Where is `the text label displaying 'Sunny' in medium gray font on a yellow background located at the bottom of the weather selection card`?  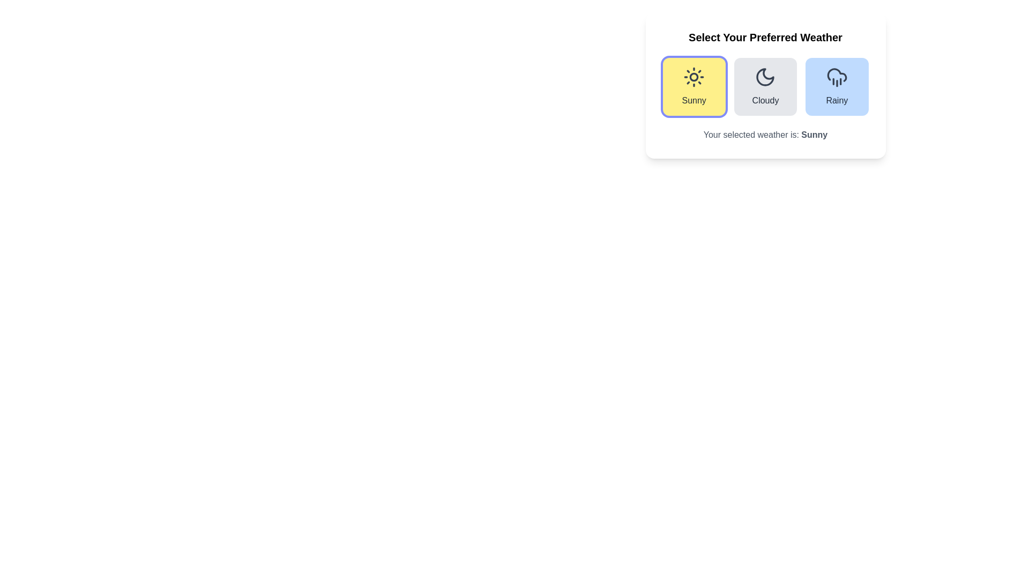 the text label displaying 'Sunny' in medium gray font on a yellow background located at the bottom of the weather selection card is located at coordinates (694, 101).